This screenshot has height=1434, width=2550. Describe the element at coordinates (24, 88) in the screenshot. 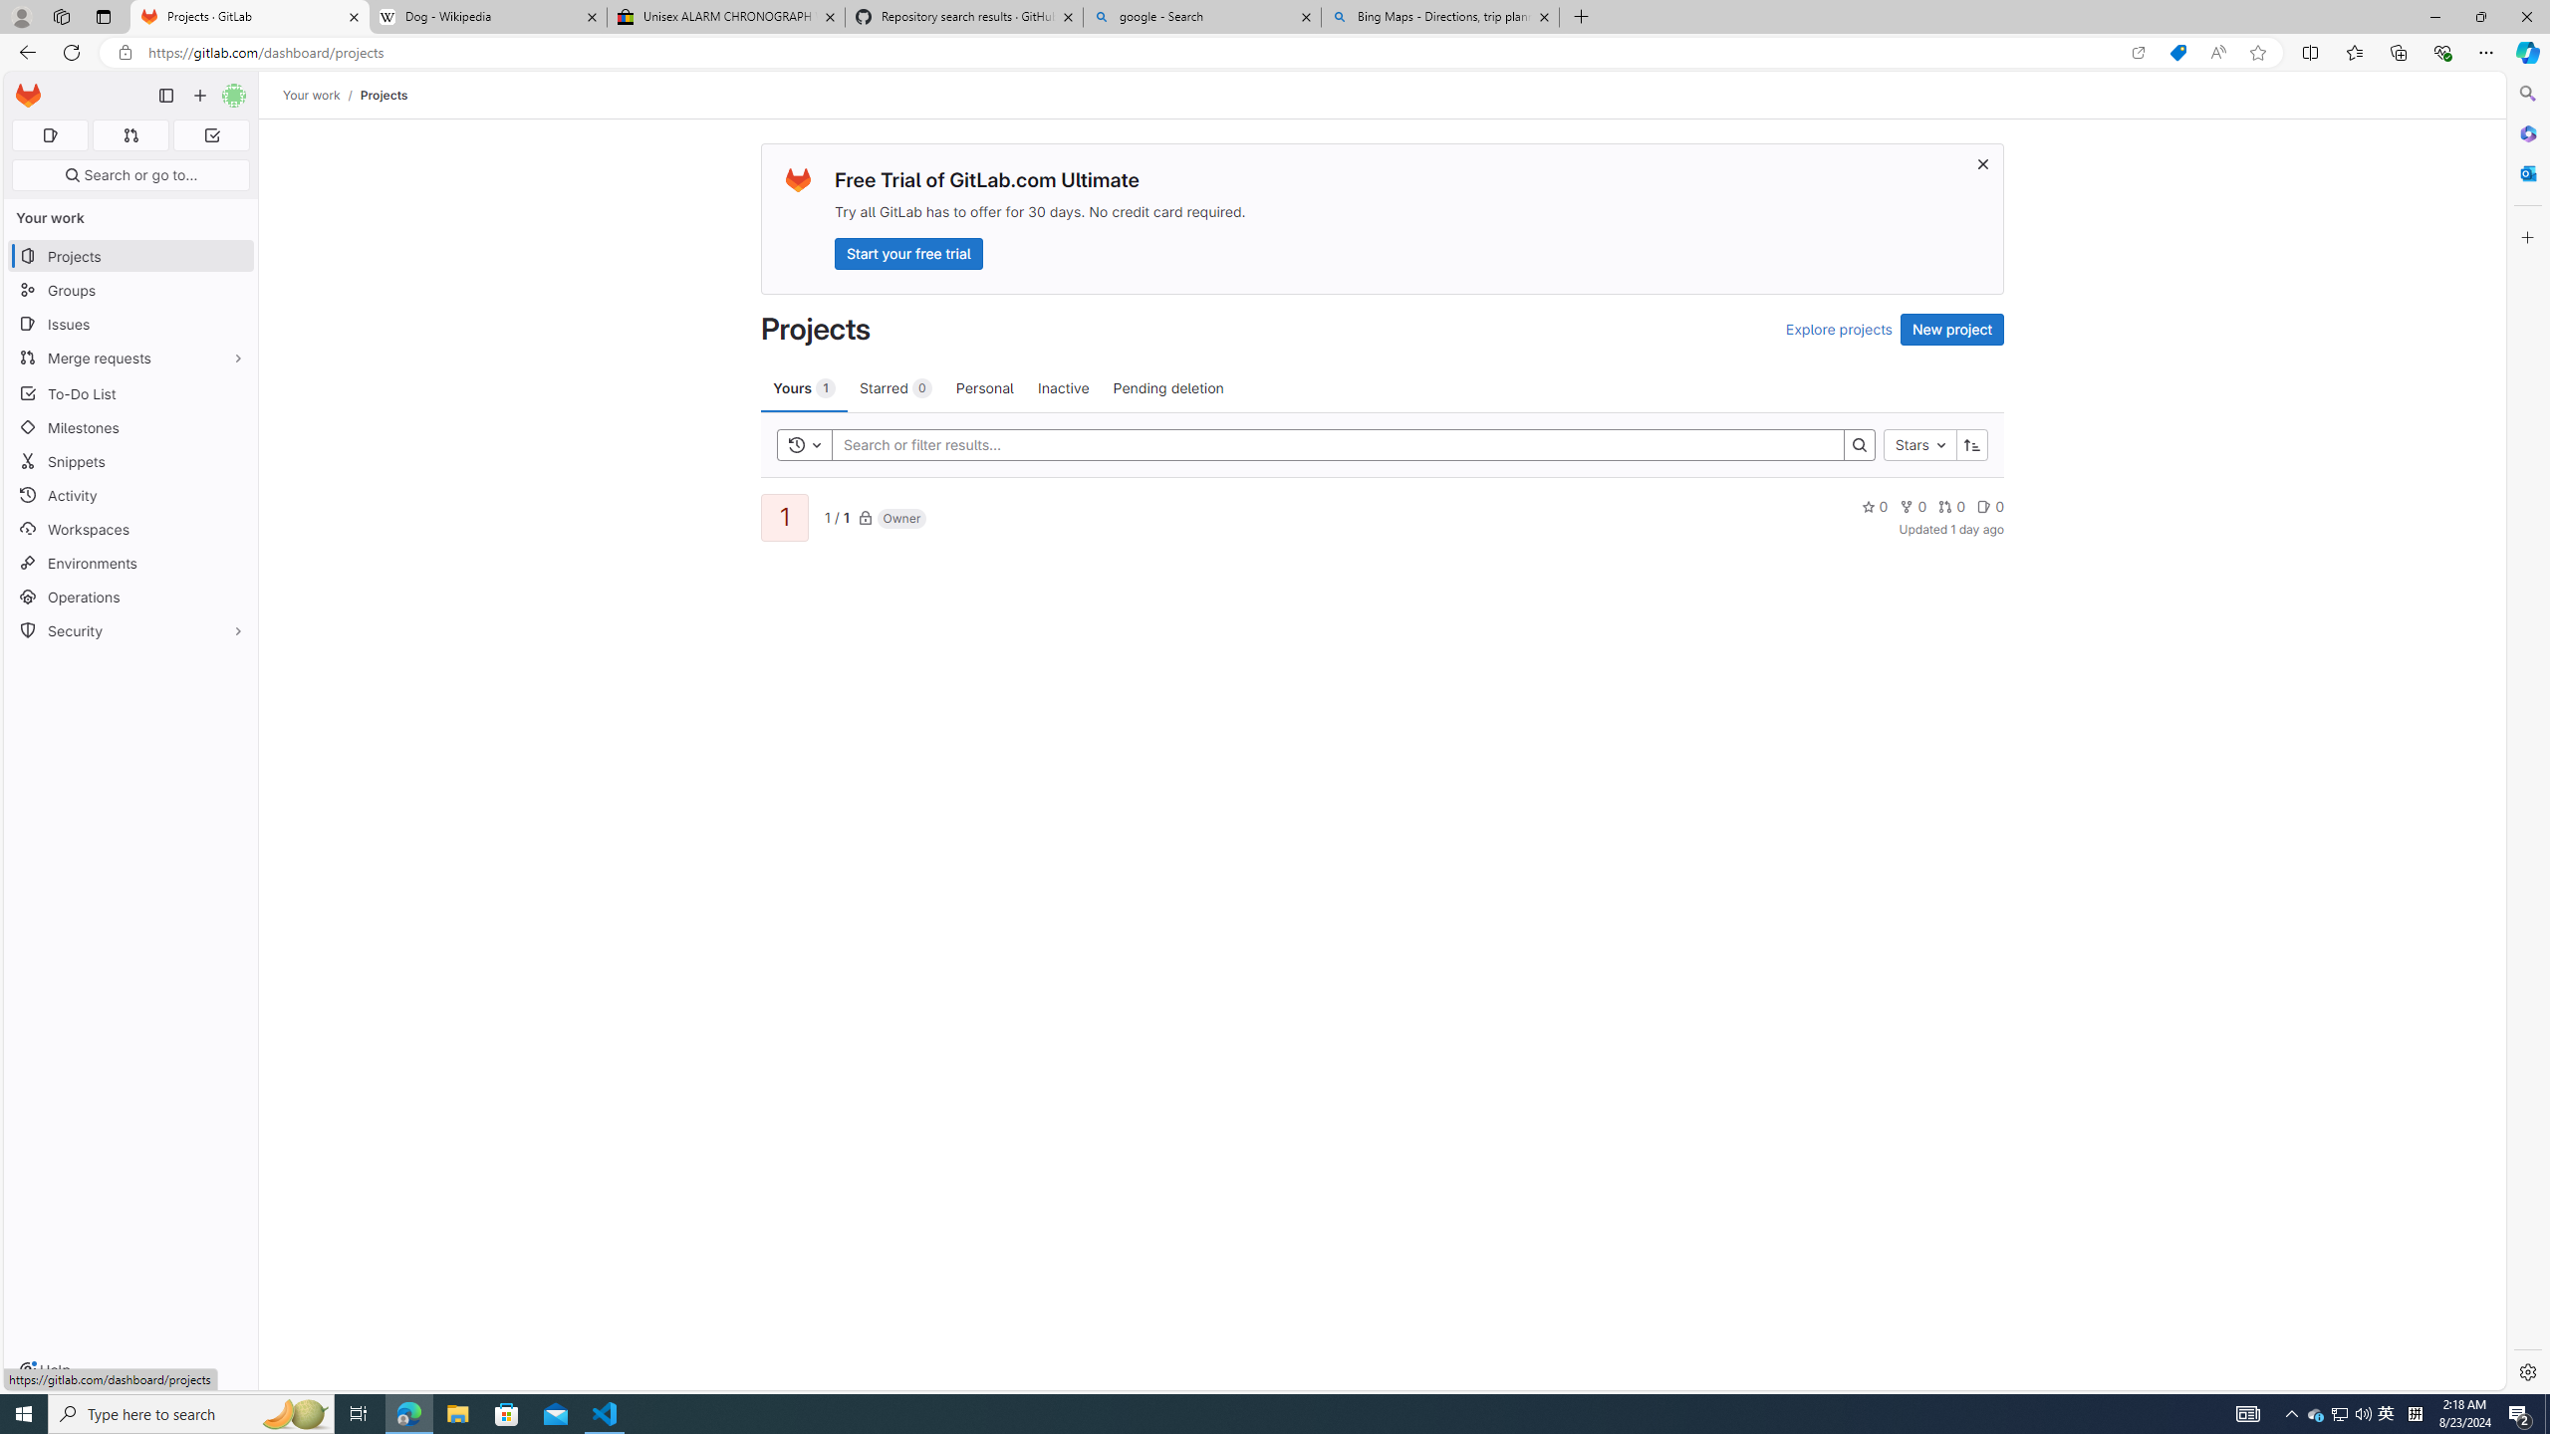

I see `'Skip to main content'` at that location.